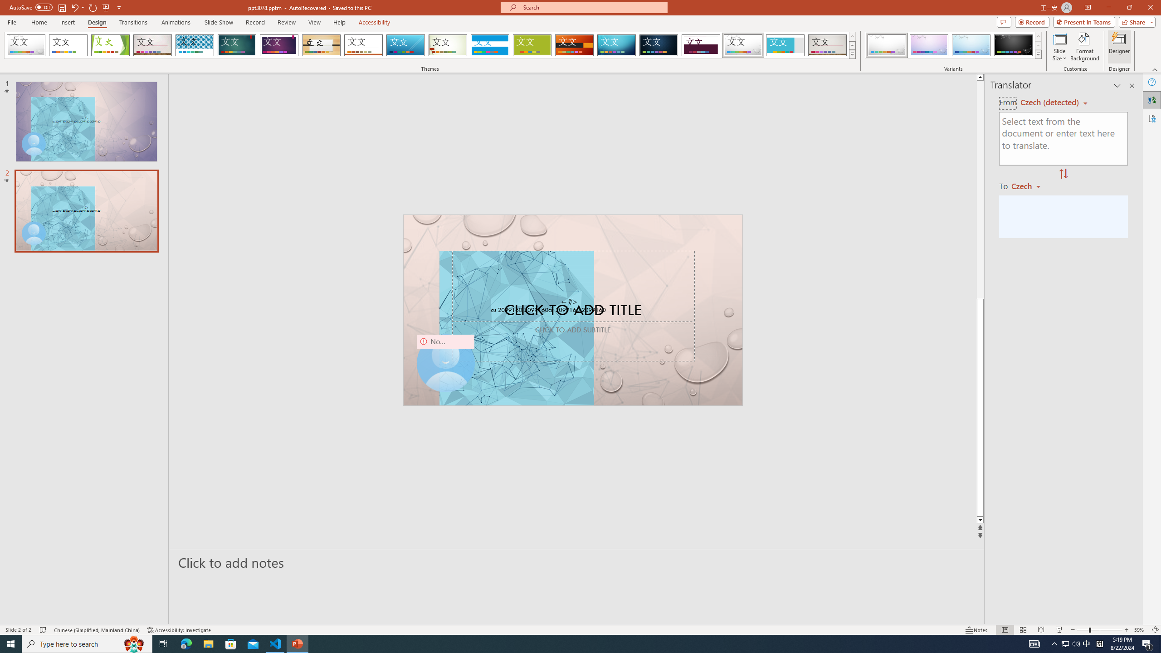 This screenshot has width=1161, height=653. Describe the element at coordinates (236, 45) in the screenshot. I see `'Ion'` at that location.